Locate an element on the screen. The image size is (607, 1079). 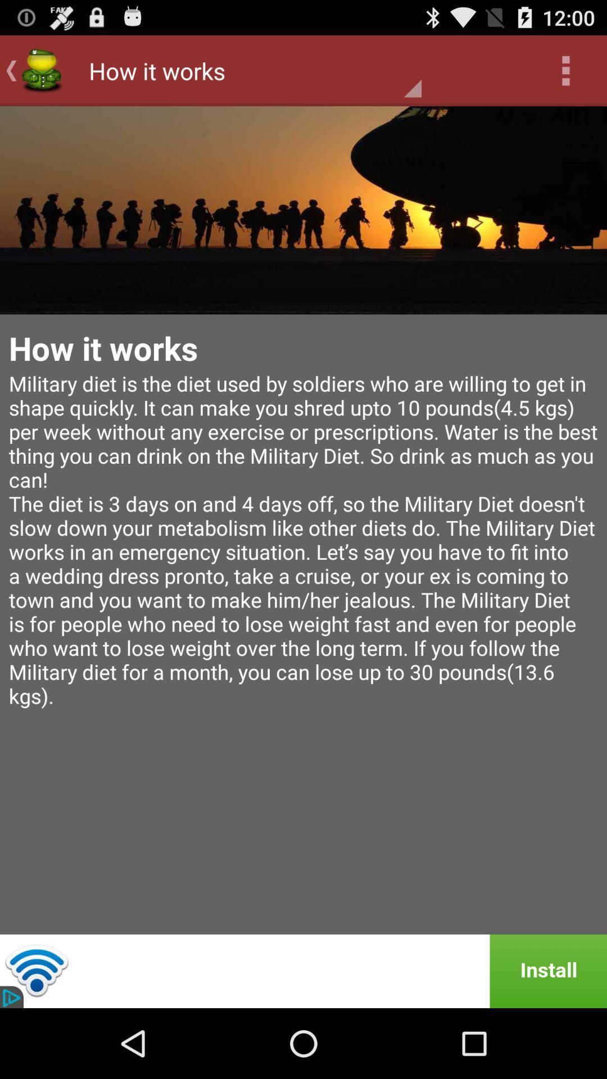
wifi install is located at coordinates (303, 971).